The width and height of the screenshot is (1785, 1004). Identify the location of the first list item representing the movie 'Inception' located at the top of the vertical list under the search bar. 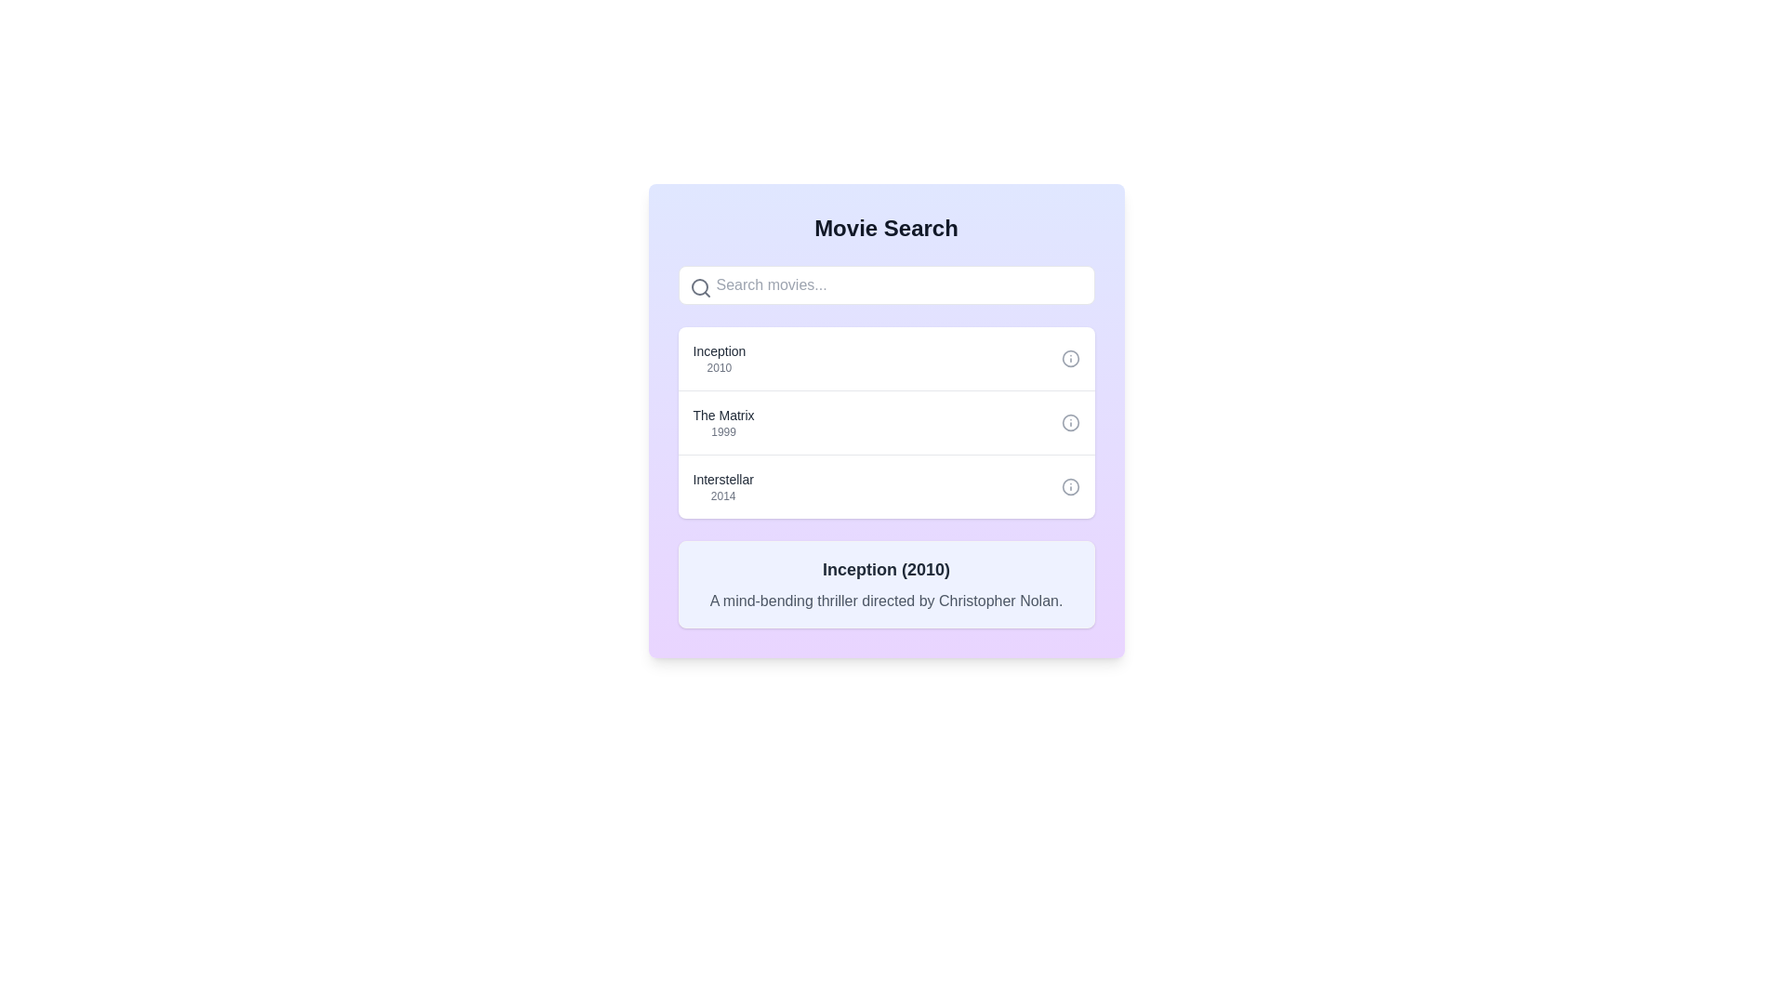
(718, 358).